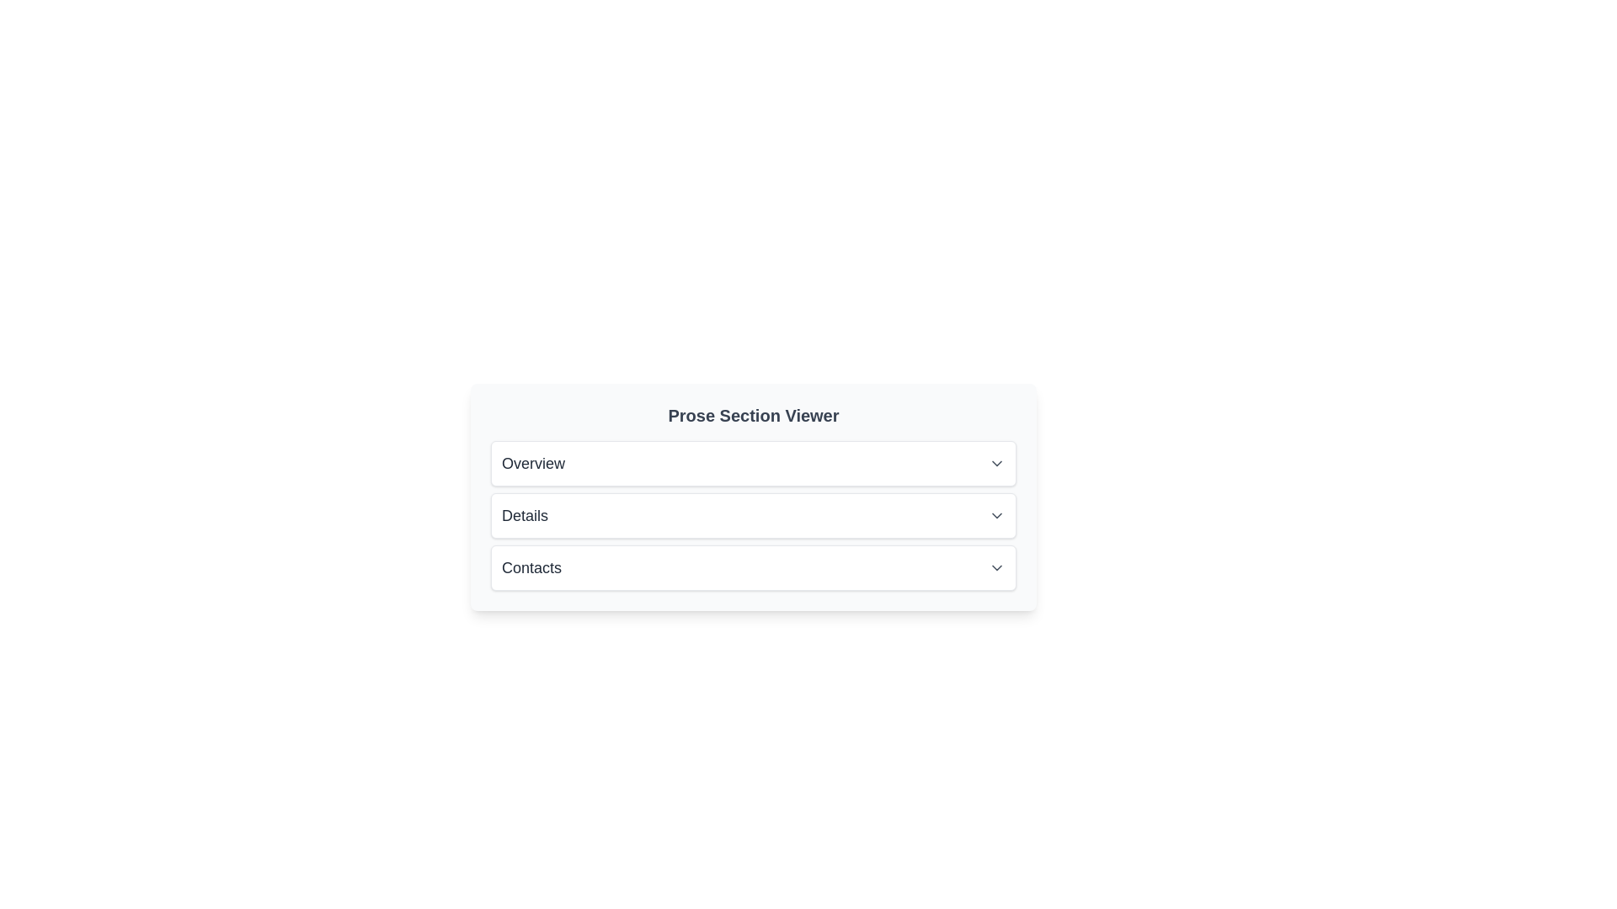 The width and height of the screenshot is (1617, 909). What do you see at coordinates (752, 568) in the screenshot?
I see `the 'Contacts' dropdown menu element, which is the third in a vertically stacked list` at bounding box center [752, 568].